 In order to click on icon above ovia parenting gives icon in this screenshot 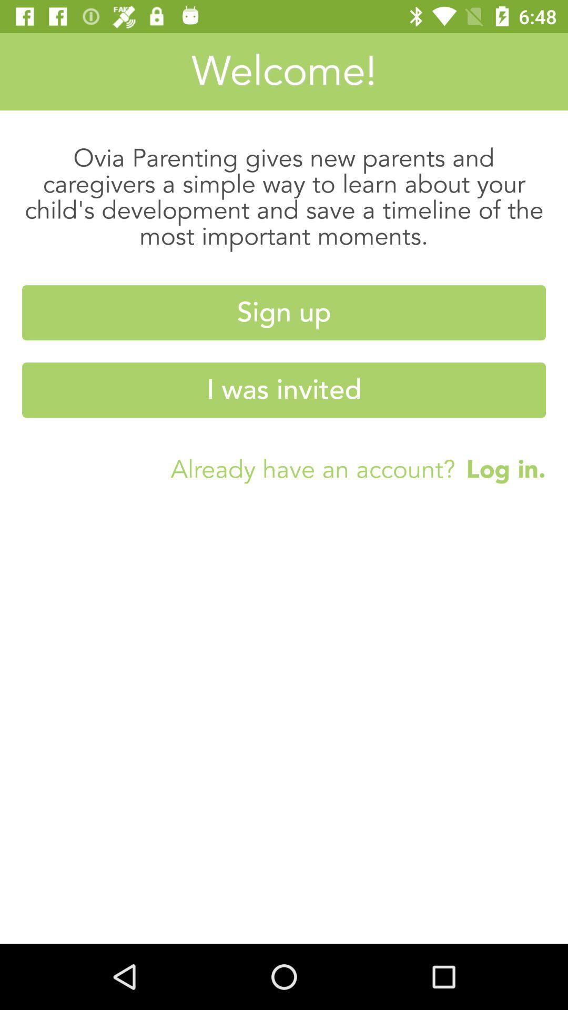, I will do `click(284, 71)`.